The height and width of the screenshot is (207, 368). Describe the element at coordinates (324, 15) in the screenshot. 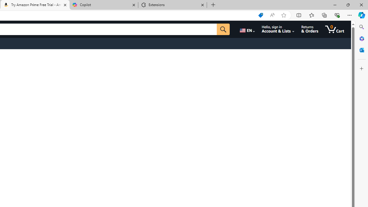

I see `'Collections'` at that location.